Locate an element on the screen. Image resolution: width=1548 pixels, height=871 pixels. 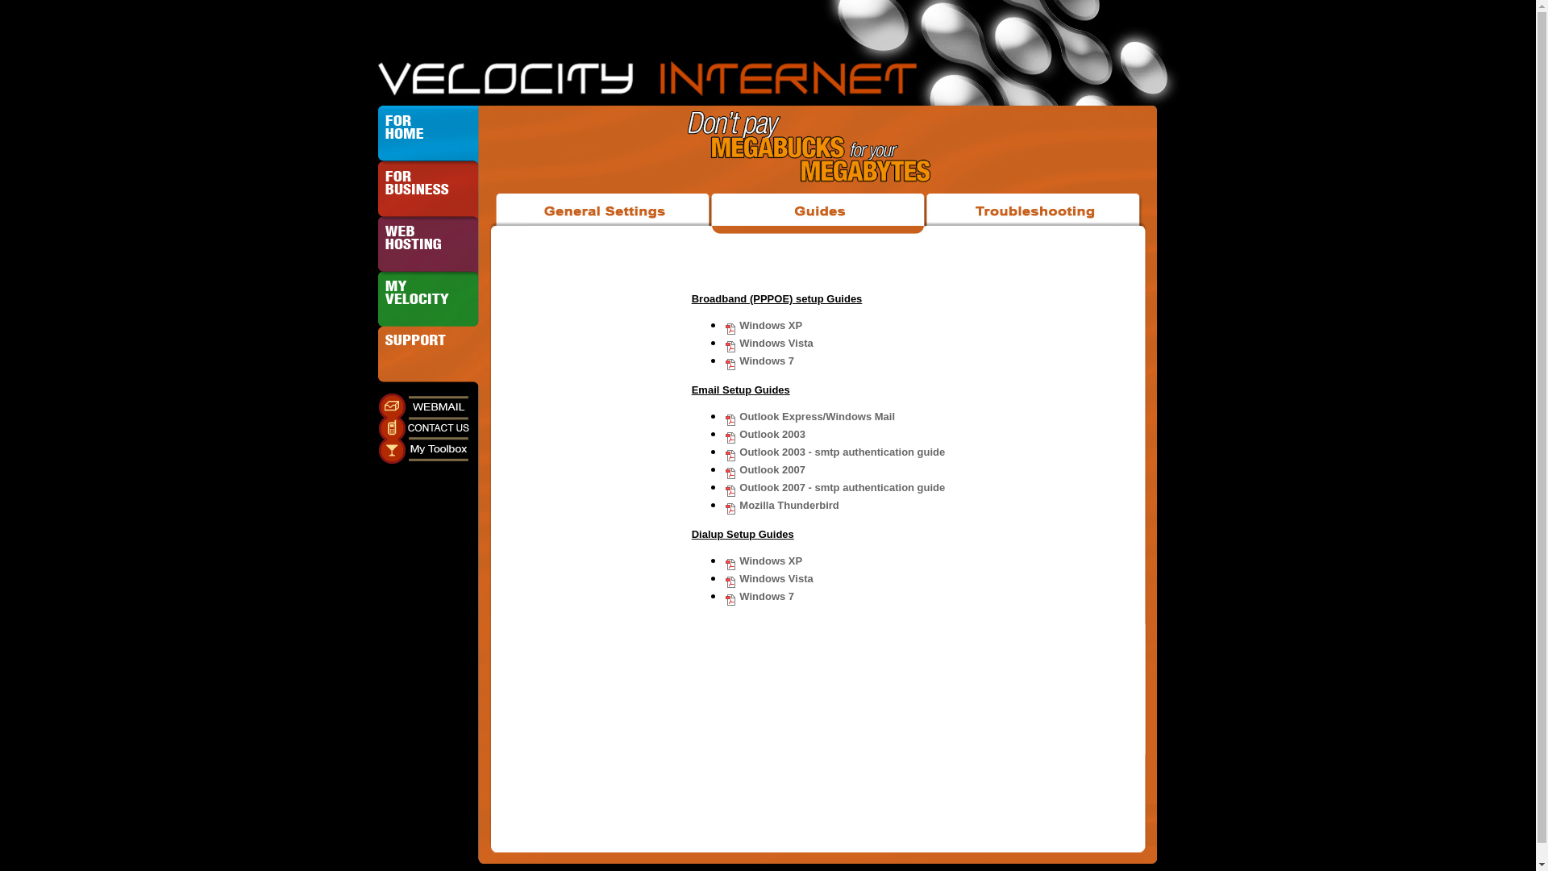
'Outlook Express/Windows Mail' is located at coordinates (722, 415).